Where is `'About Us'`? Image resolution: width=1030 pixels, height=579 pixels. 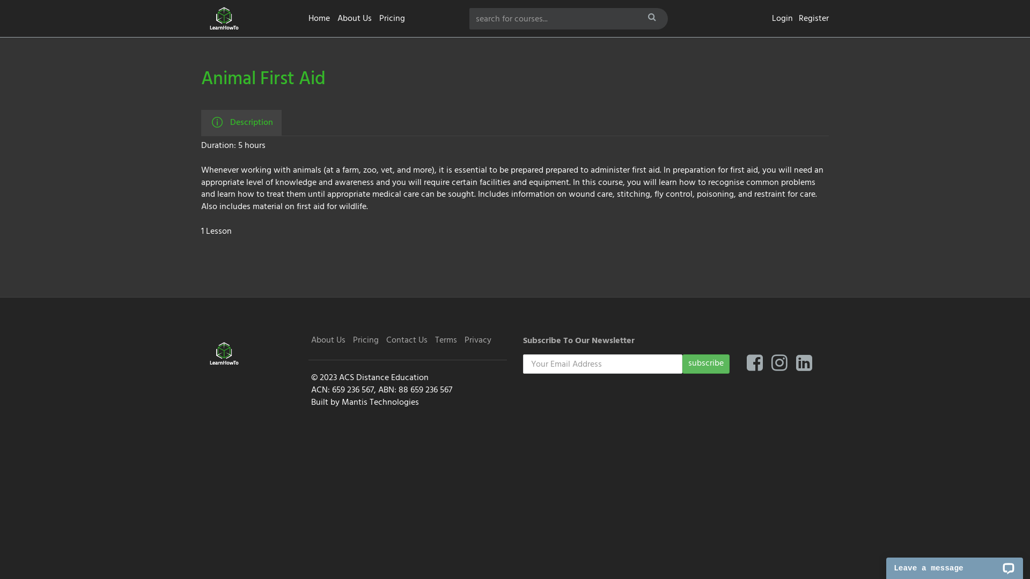
'About Us' is located at coordinates (336, 19).